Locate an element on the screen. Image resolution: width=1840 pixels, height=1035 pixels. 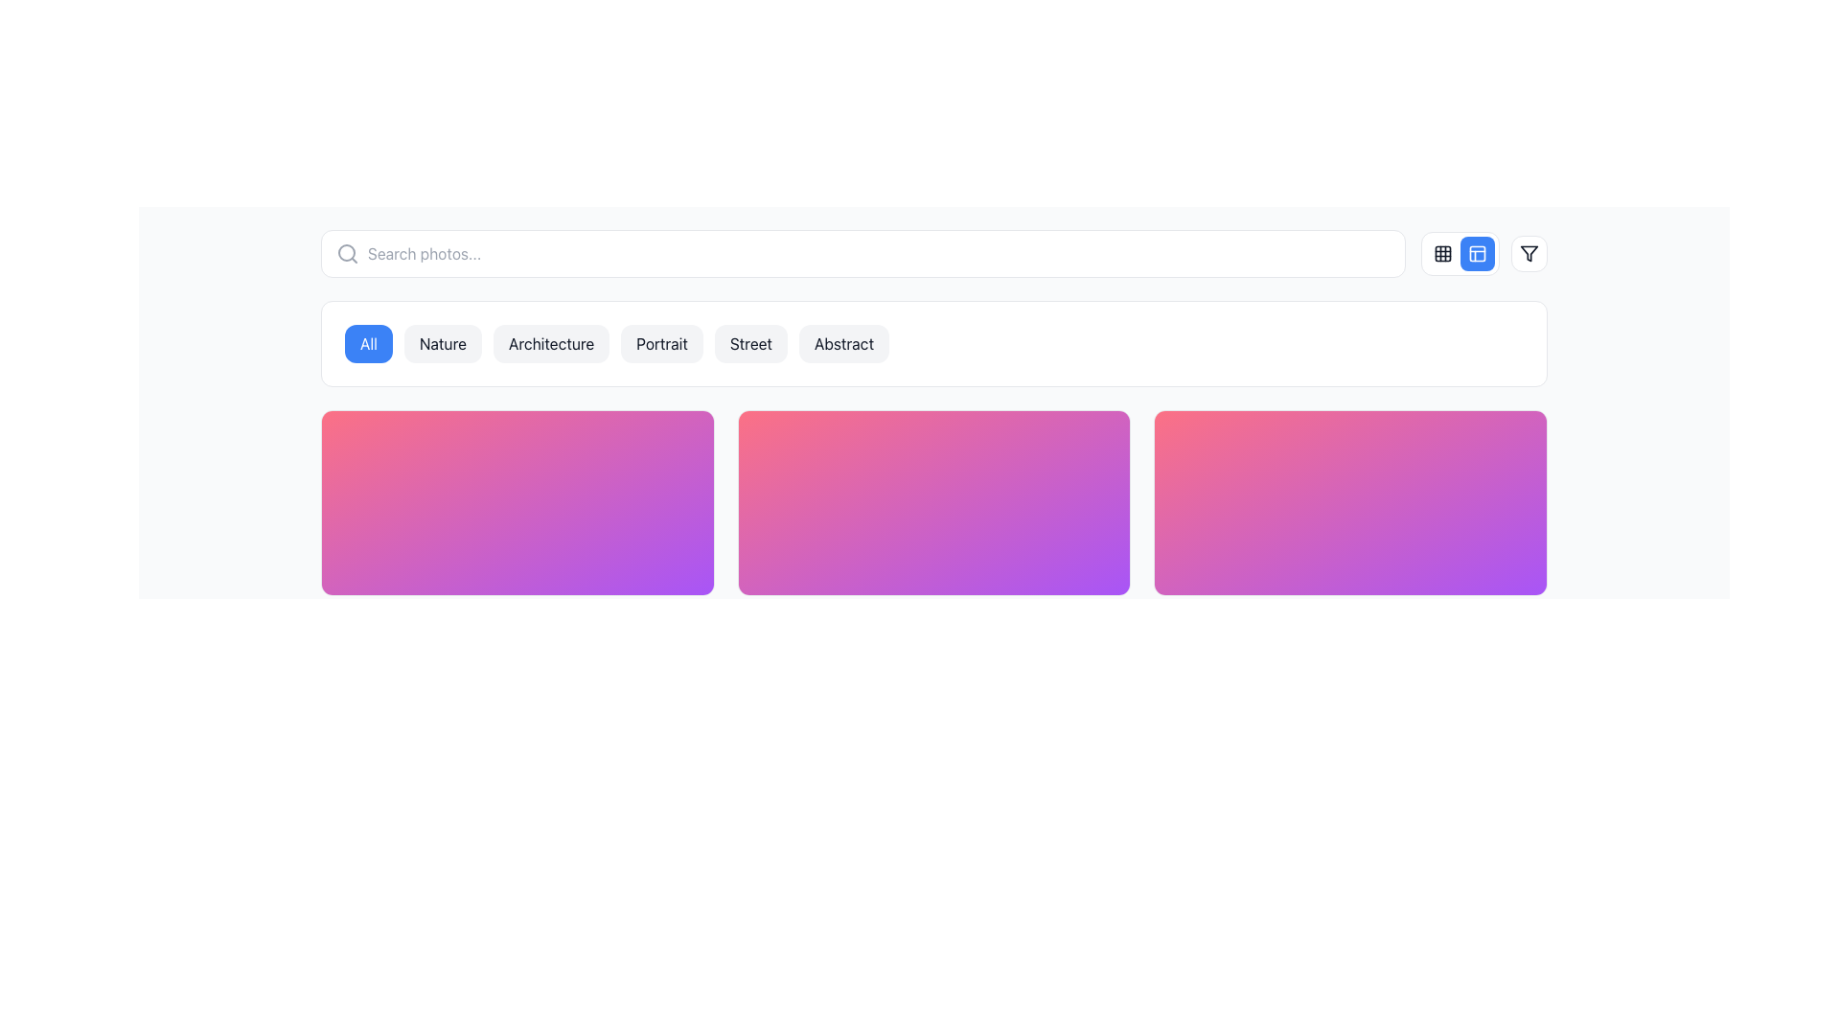
the informational display bar that provides pertinent information related to the associated purple panel, located near the bottom edge of the third rectangular item from the left is located at coordinates (933, 563).